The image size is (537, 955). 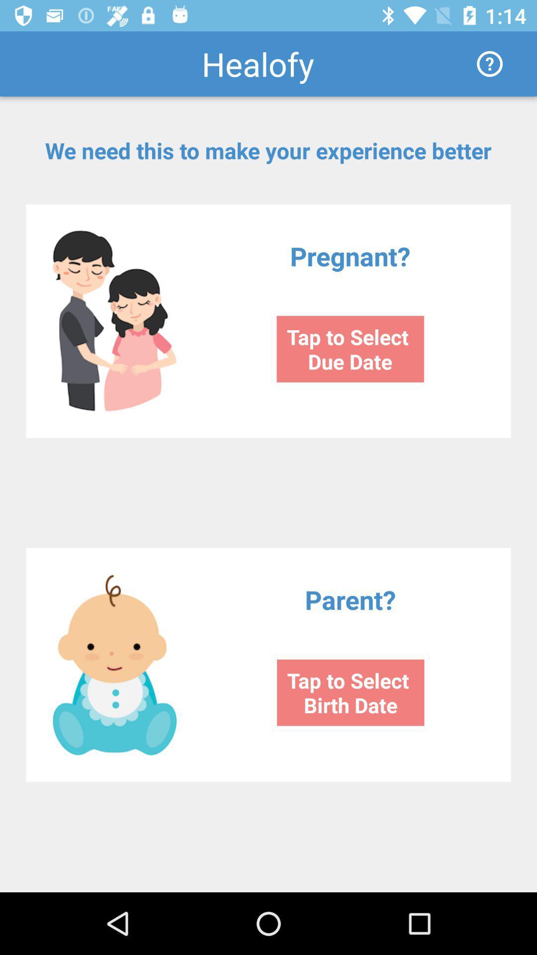 What do you see at coordinates (489, 63) in the screenshot?
I see `help` at bounding box center [489, 63].